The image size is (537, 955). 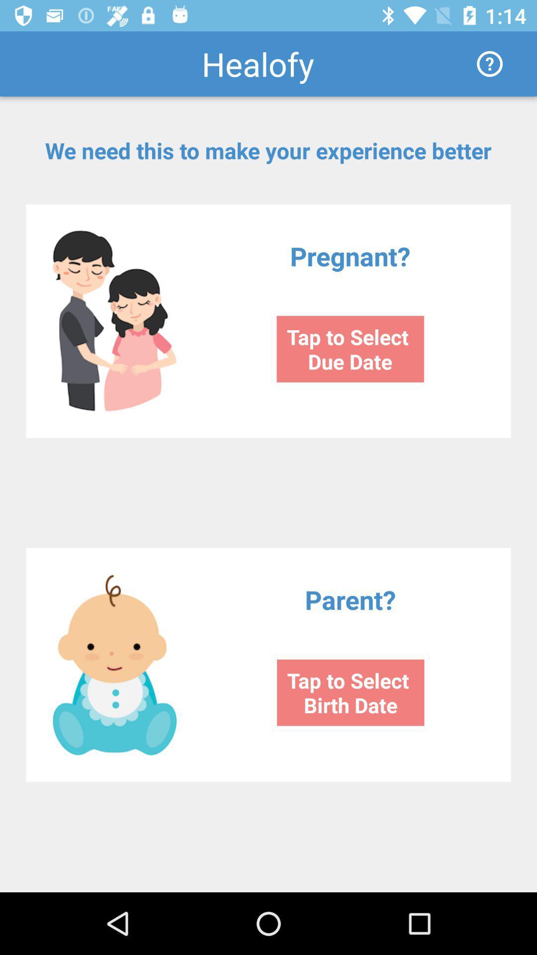 What do you see at coordinates (489, 63) in the screenshot?
I see `help` at bounding box center [489, 63].